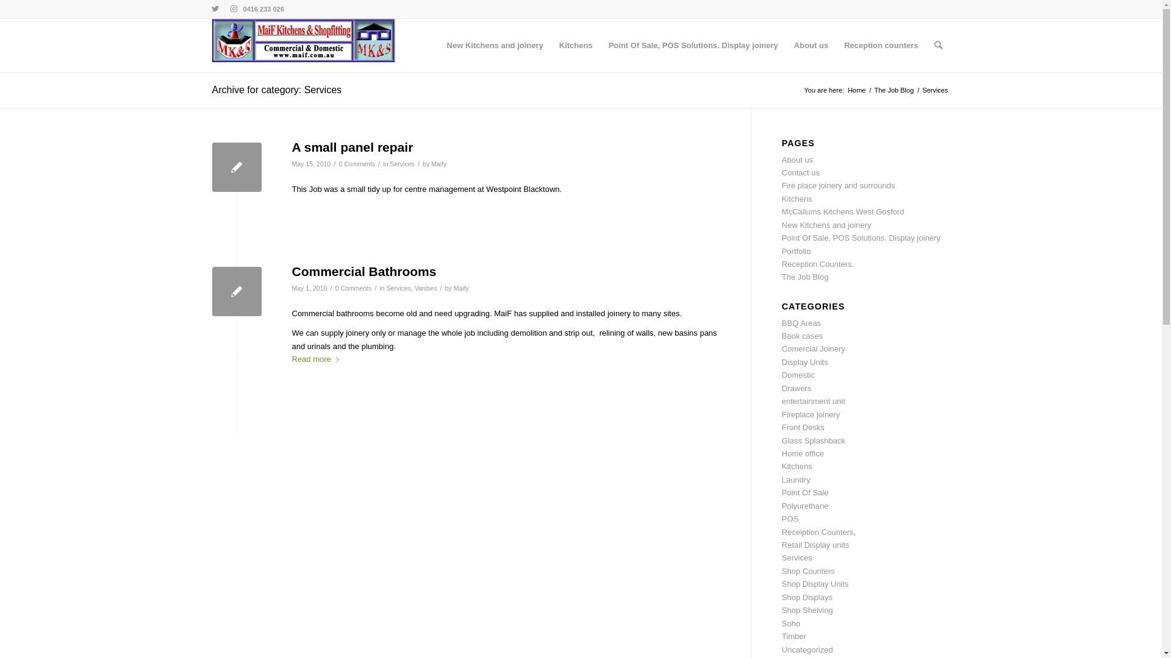 The width and height of the screenshot is (1171, 658). What do you see at coordinates (881, 44) in the screenshot?
I see `'Reception counters'` at bounding box center [881, 44].